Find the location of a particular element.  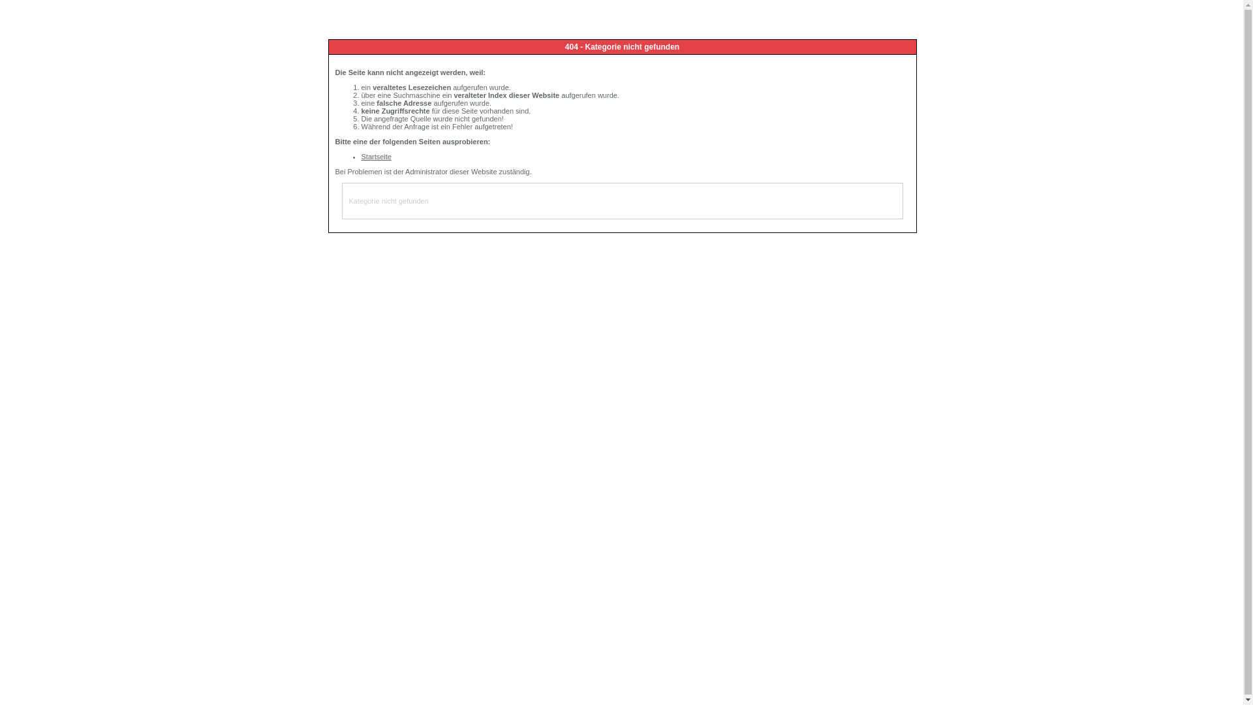

'Startseite' is located at coordinates (375, 155).